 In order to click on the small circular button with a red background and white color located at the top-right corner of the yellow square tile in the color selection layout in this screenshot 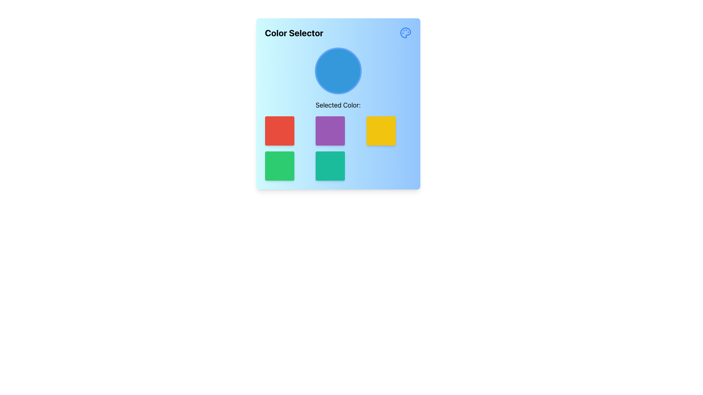, I will do `click(406, 120)`.